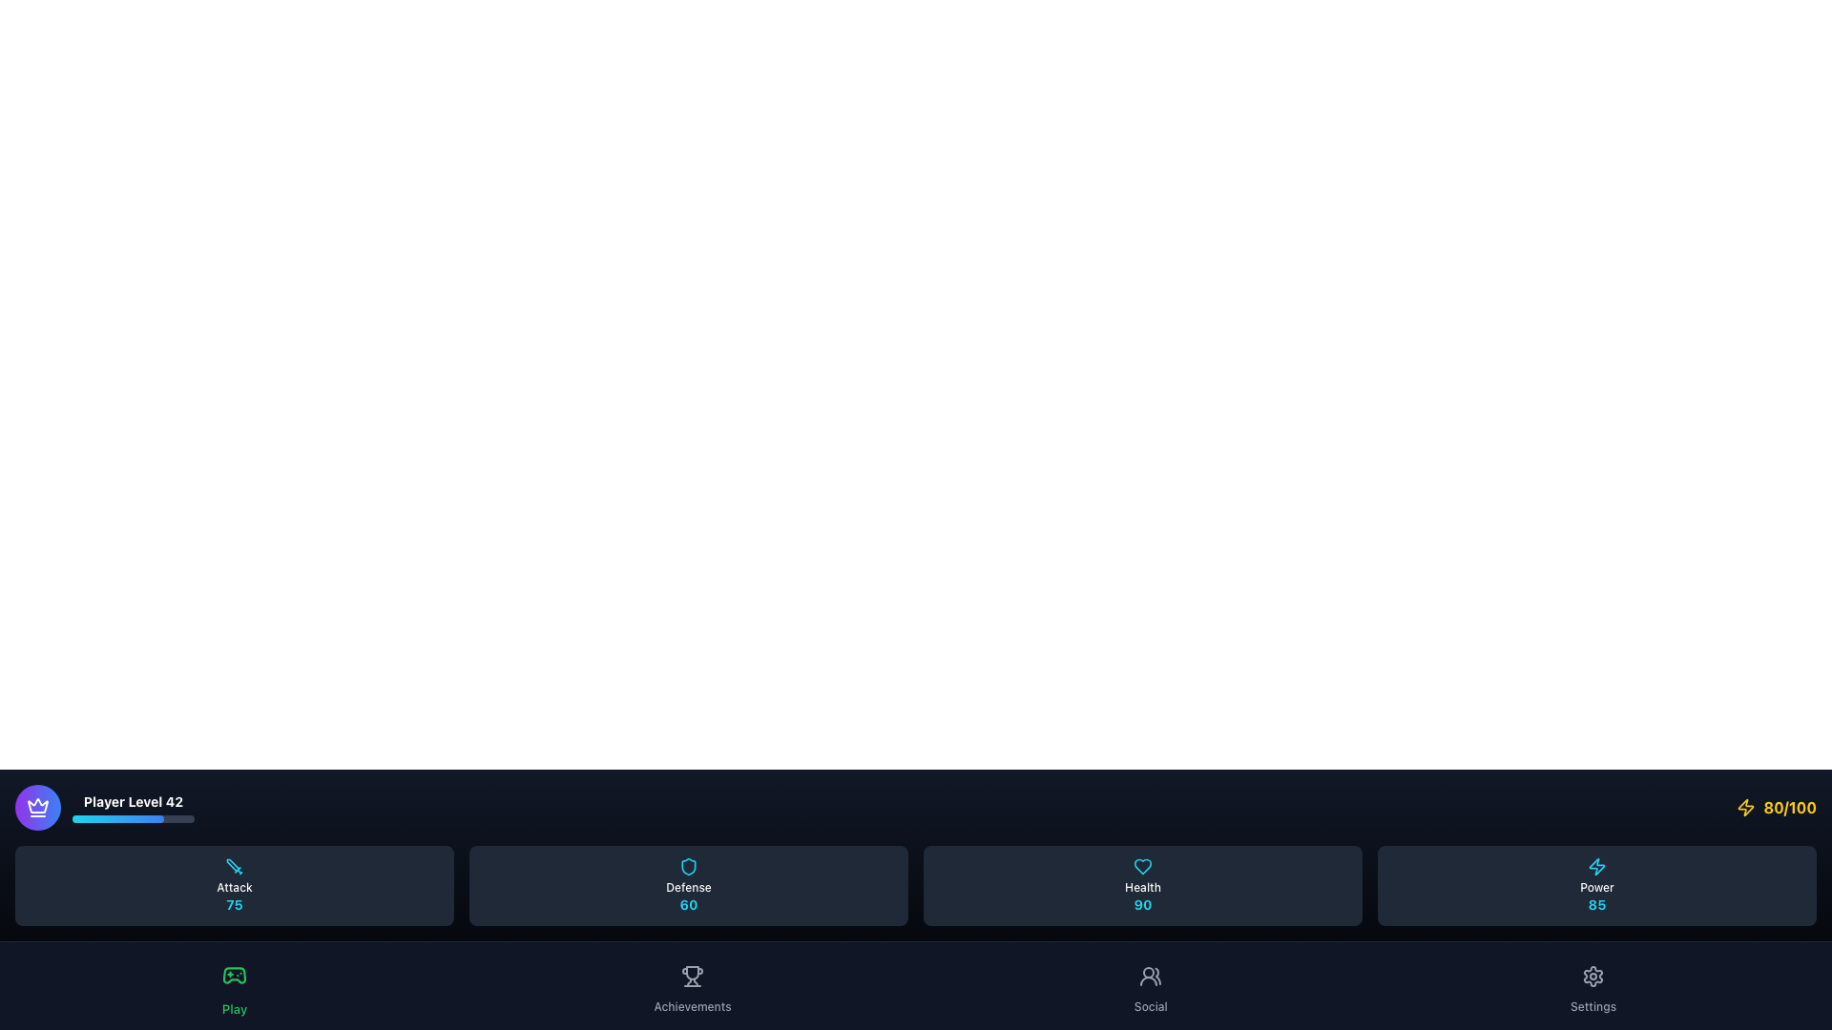 This screenshot has width=1832, height=1030. What do you see at coordinates (1150, 976) in the screenshot?
I see `the 'Social' icon located at the bottom right of the navigation bar for additional information` at bounding box center [1150, 976].